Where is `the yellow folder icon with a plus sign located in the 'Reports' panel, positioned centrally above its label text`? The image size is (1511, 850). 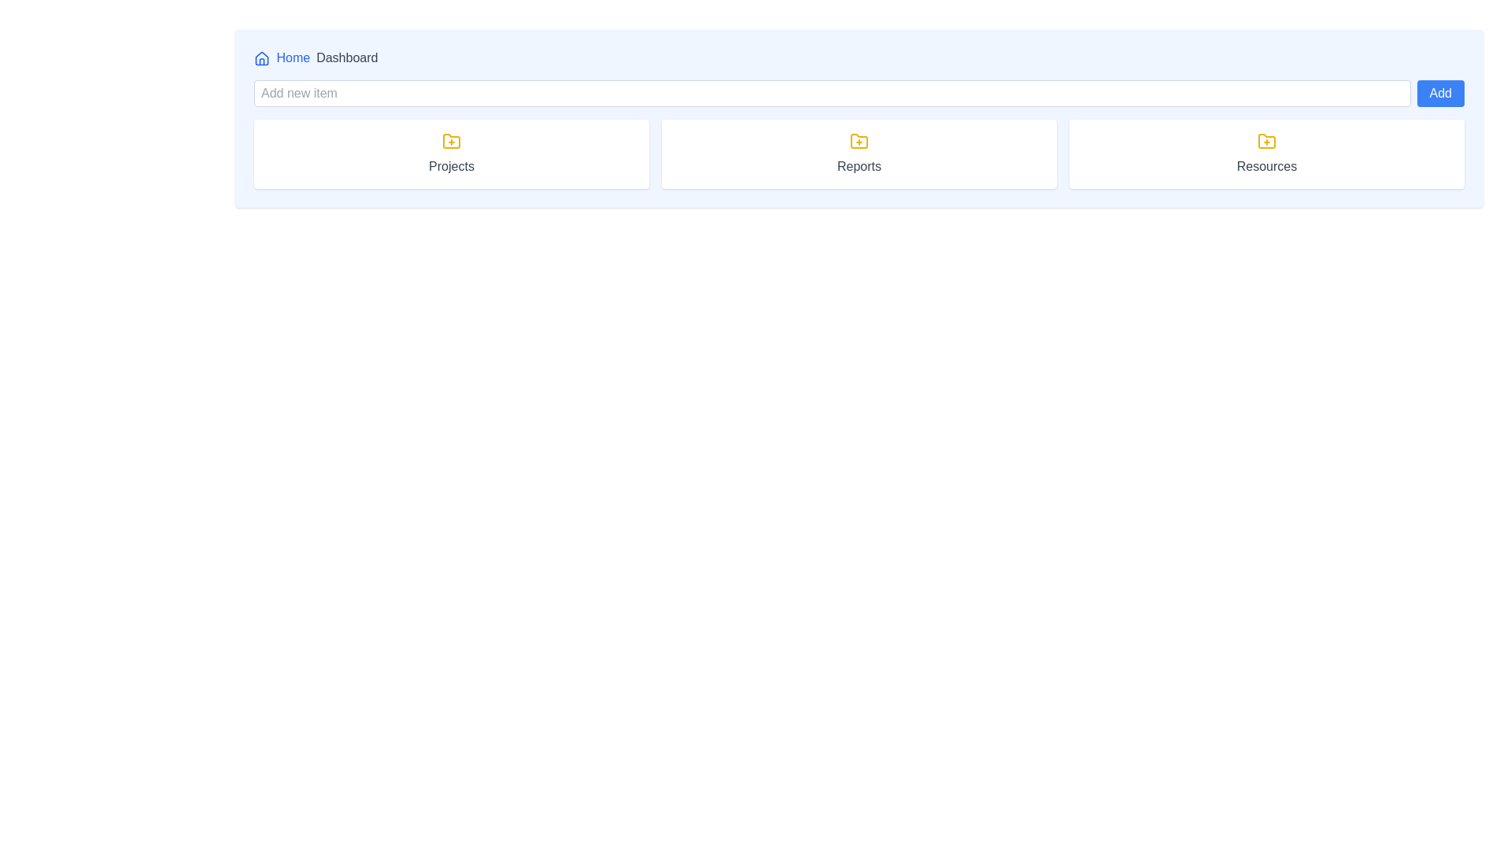 the yellow folder icon with a plus sign located in the 'Reports' panel, positioned centrally above its label text is located at coordinates (858, 142).